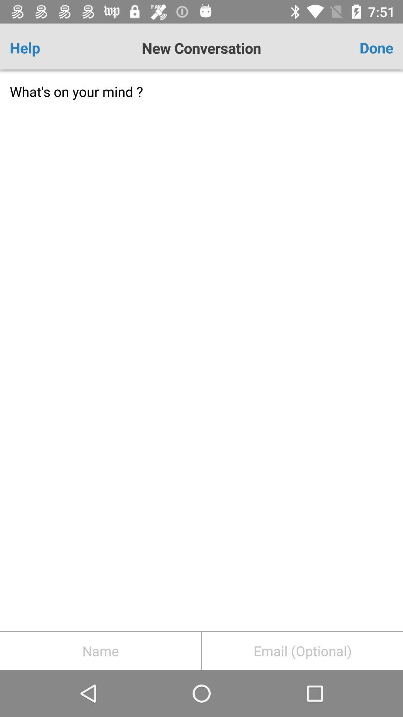 The width and height of the screenshot is (403, 717). Describe the element at coordinates (361, 47) in the screenshot. I see `item next to new conversation` at that location.